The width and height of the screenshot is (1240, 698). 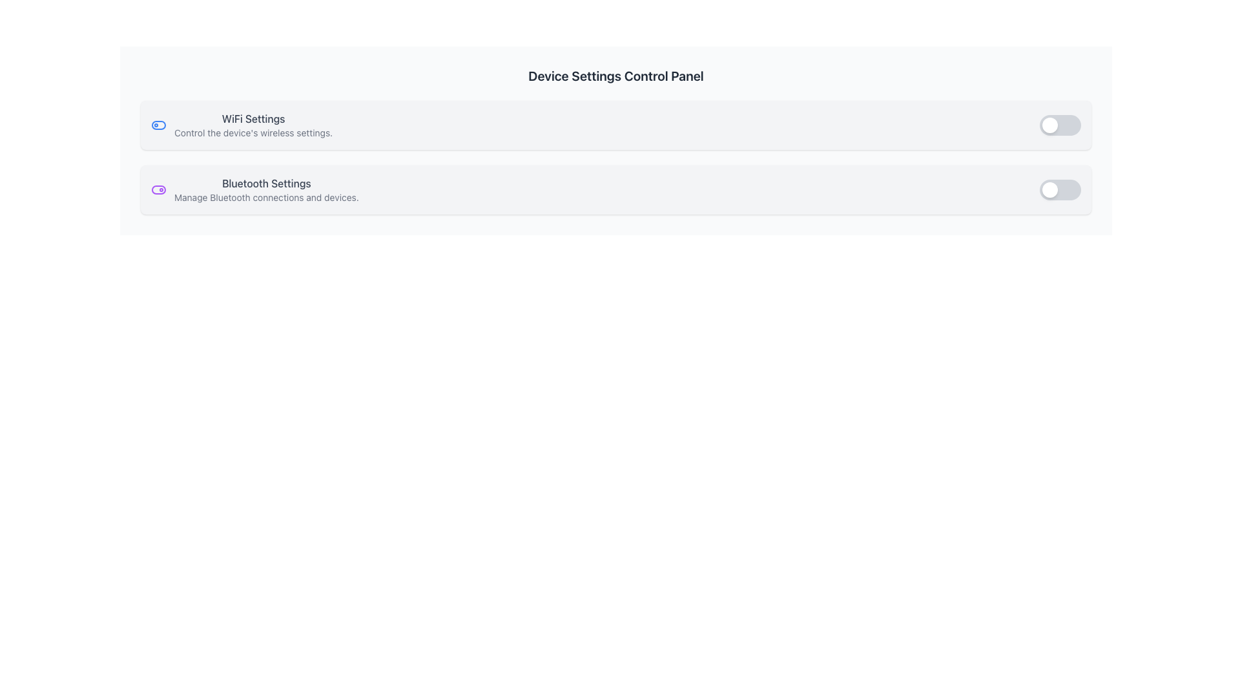 I want to click on the knob of the toggle switch located at the far right of the 'WiFi Settings' section, so click(x=1060, y=125).